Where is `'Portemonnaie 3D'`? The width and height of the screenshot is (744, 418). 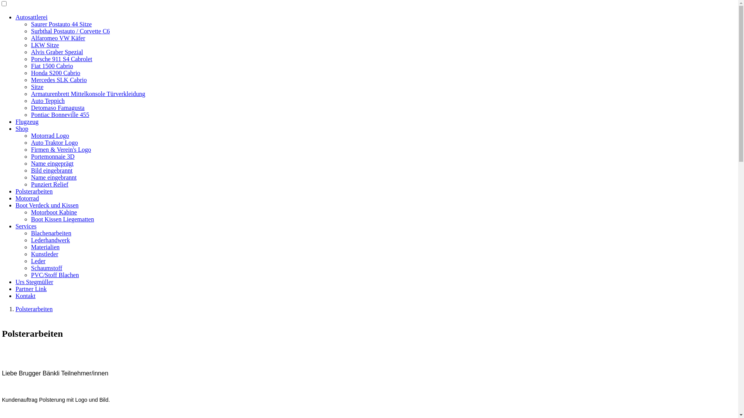 'Portemonnaie 3D' is located at coordinates (31, 156).